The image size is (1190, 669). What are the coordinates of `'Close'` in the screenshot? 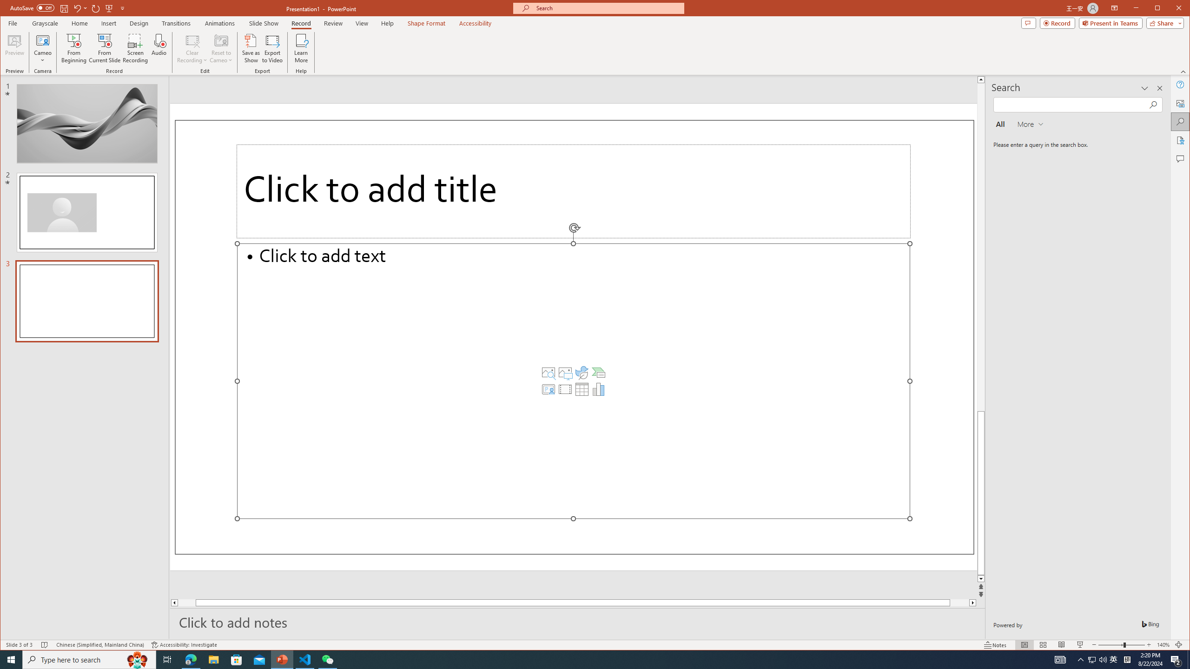 It's located at (1180, 9).